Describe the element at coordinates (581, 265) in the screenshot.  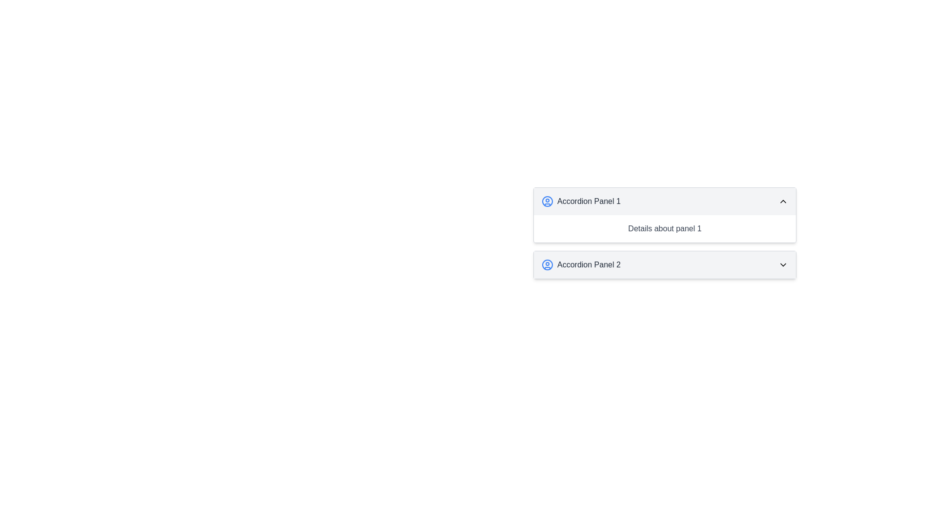
I see `the text label that identifies the second section of the accordion interface` at that location.